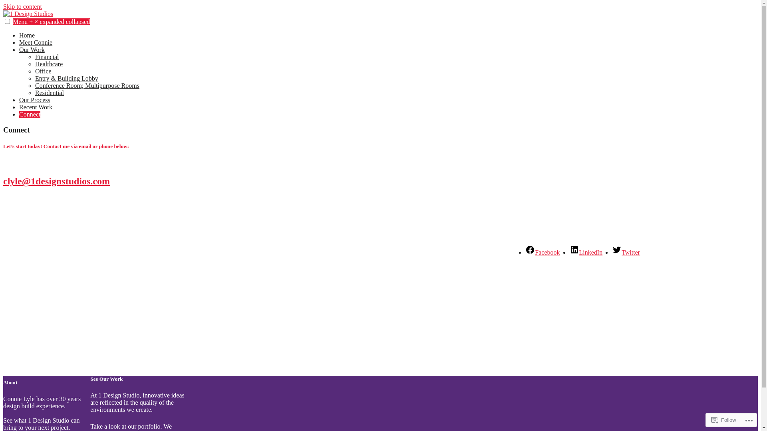 Image resolution: width=767 pixels, height=431 pixels. Describe the element at coordinates (35, 107) in the screenshot. I see `'Recent Work'` at that location.